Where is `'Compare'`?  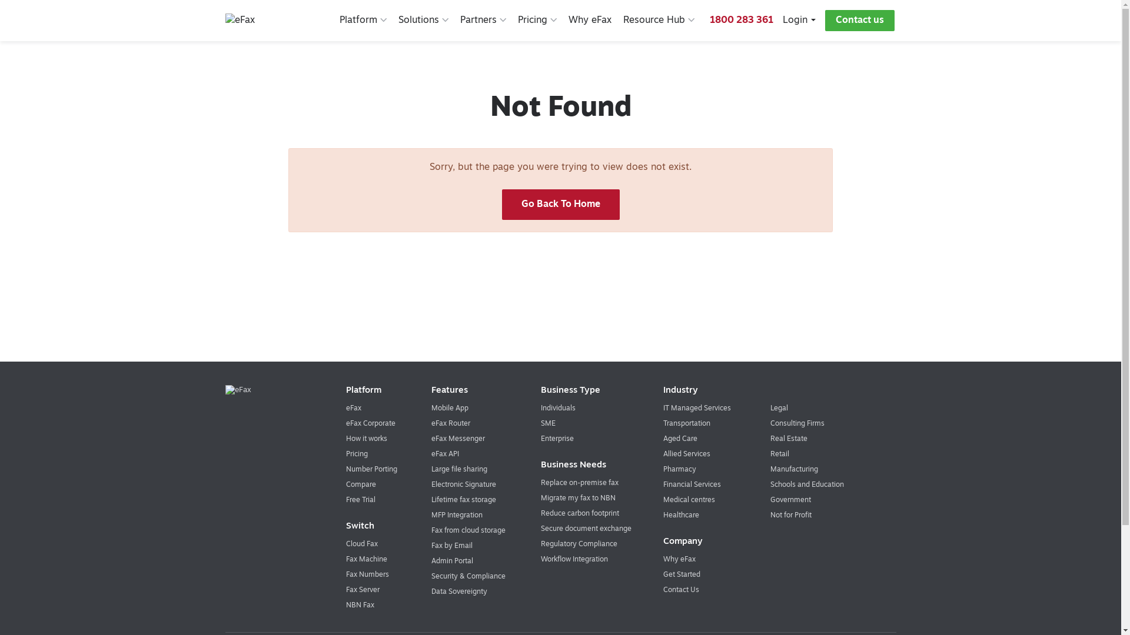
'Compare' is located at coordinates (360, 485).